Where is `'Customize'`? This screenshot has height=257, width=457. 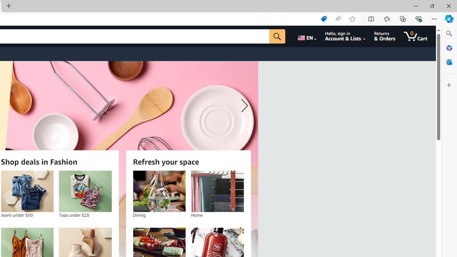 'Customize' is located at coordinates (449, 85).